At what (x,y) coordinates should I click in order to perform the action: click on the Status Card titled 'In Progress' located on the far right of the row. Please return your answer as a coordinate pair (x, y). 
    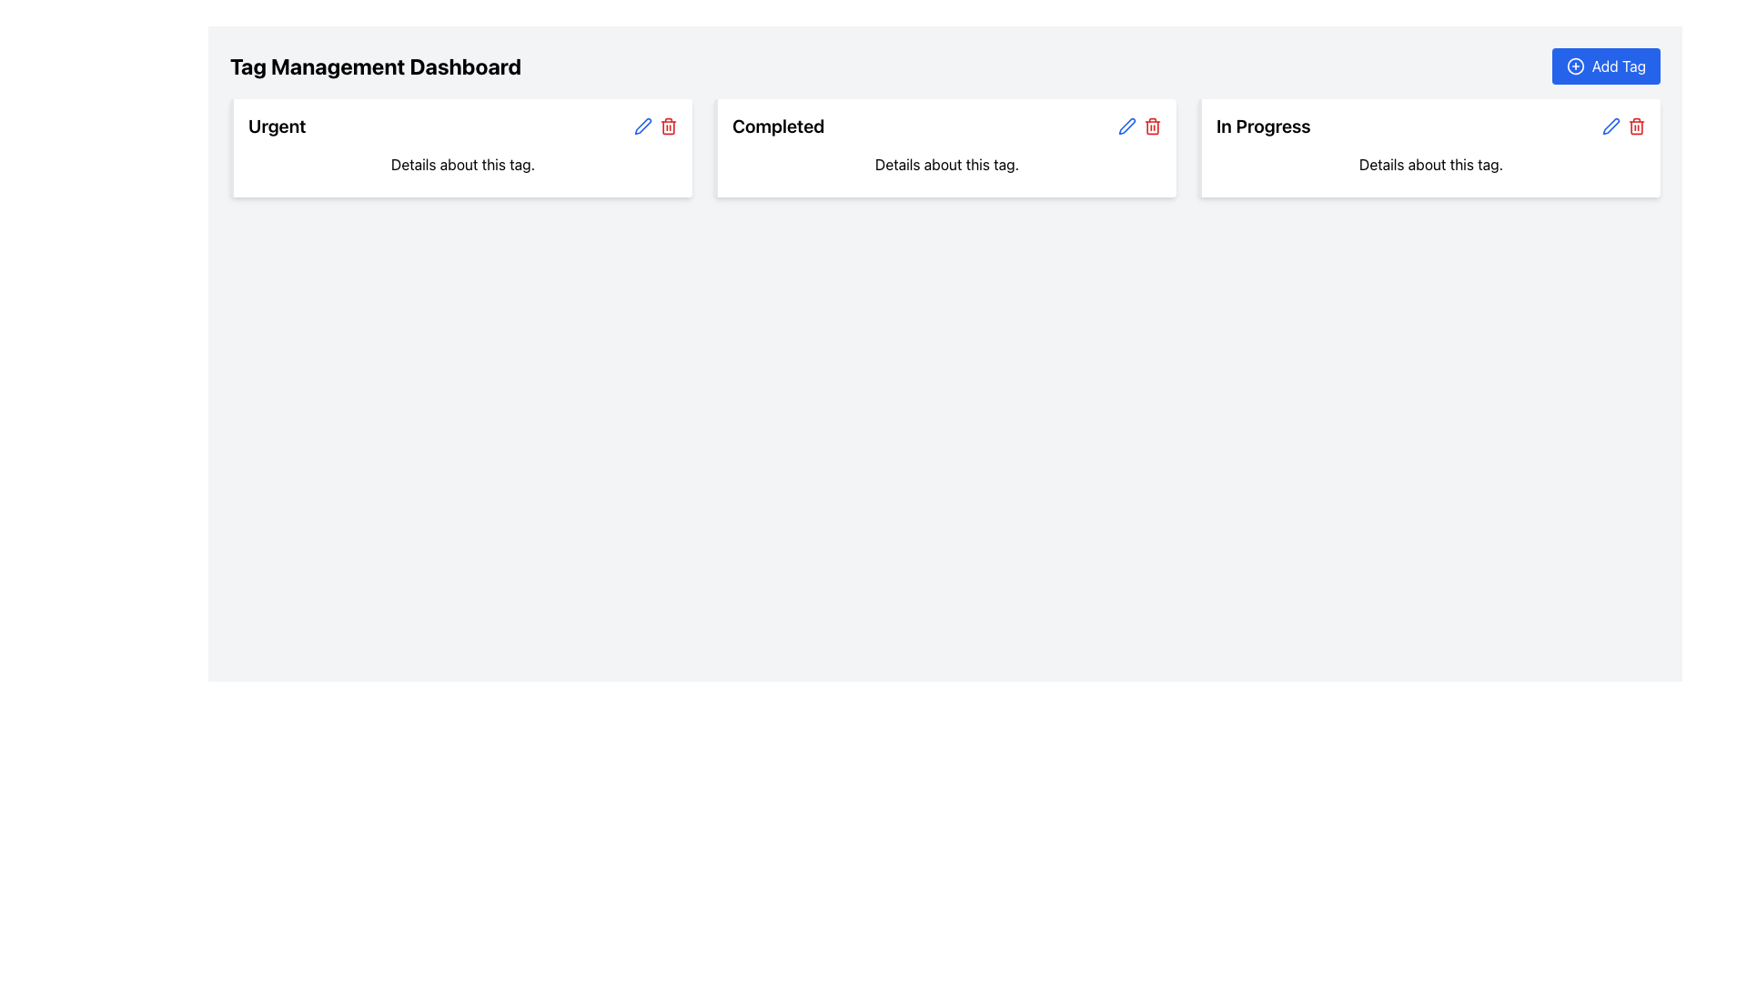
    Looking at the image, I should click on (1428, 147).